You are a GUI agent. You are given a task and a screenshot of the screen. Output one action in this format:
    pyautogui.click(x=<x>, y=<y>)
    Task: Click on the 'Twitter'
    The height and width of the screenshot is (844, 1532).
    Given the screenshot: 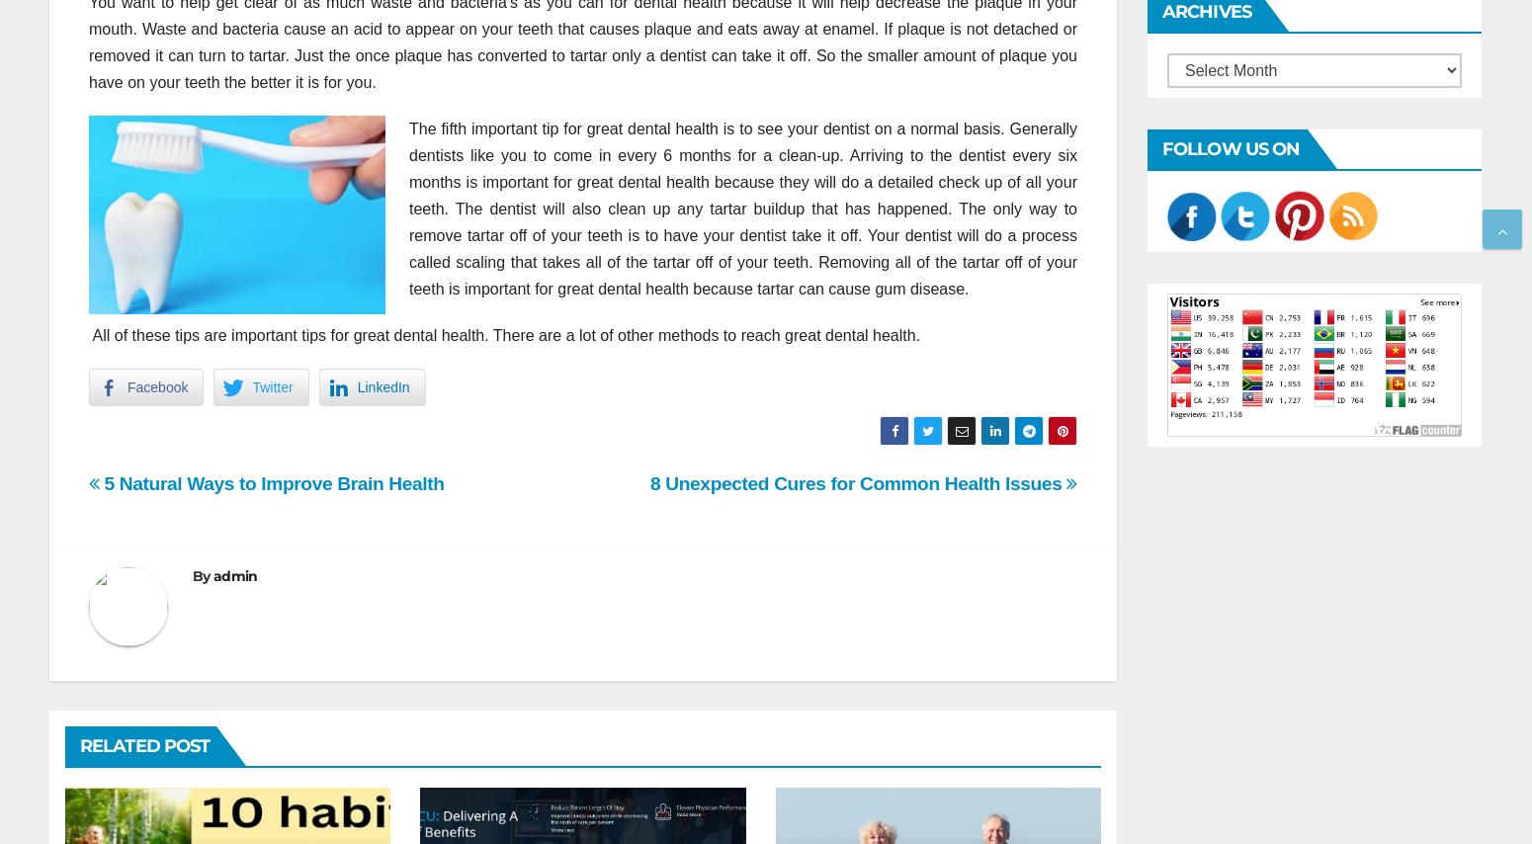 What is the action you would take?
    pyautogui.click(x=272, y=384)
    